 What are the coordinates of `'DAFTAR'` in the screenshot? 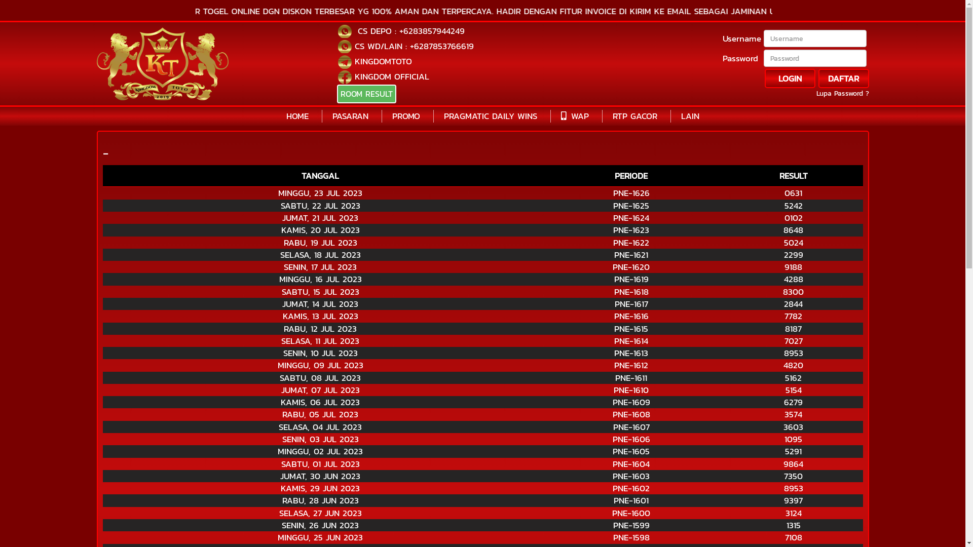 It's located at (843, 77).